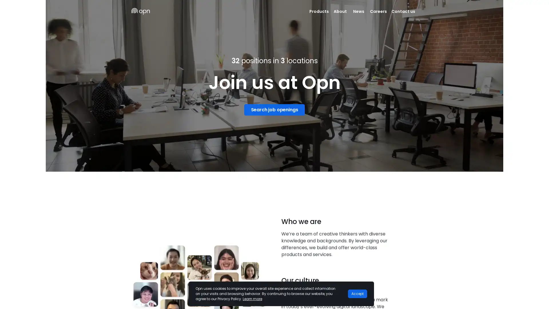  What do you see at coordinates (319, 11) in the screenshot?
I see `Products` at bounding box center [319, 11].